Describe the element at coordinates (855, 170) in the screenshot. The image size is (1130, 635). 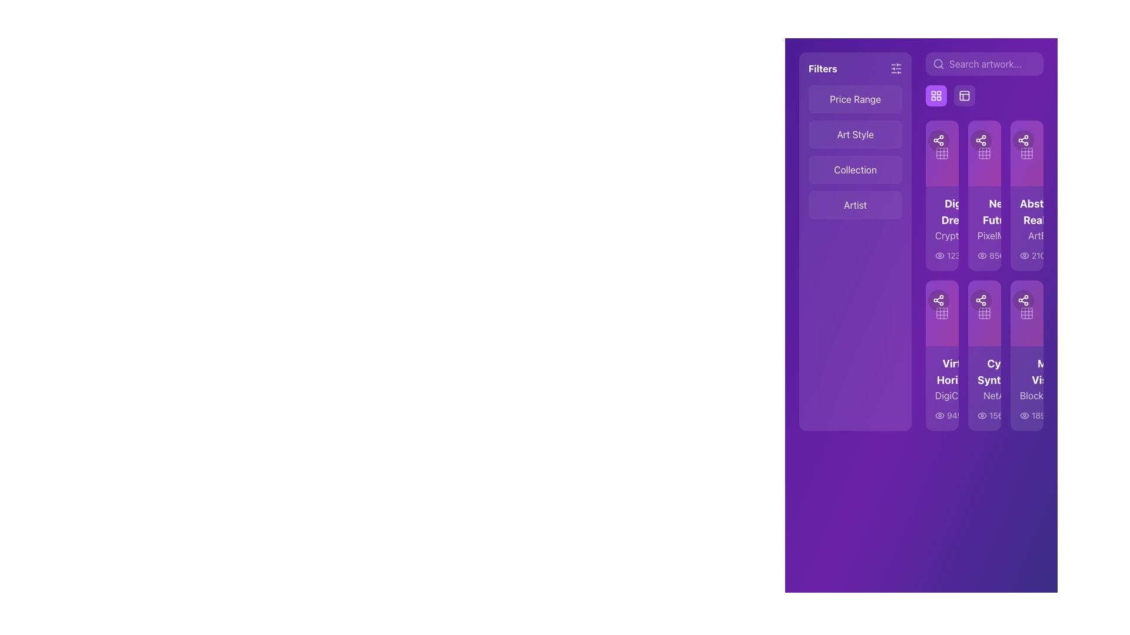
I see `the 'Collection' button, which is the third button in the vertical list of four within the 'Filters' sidebar, to trigger the color change effect` at that location.